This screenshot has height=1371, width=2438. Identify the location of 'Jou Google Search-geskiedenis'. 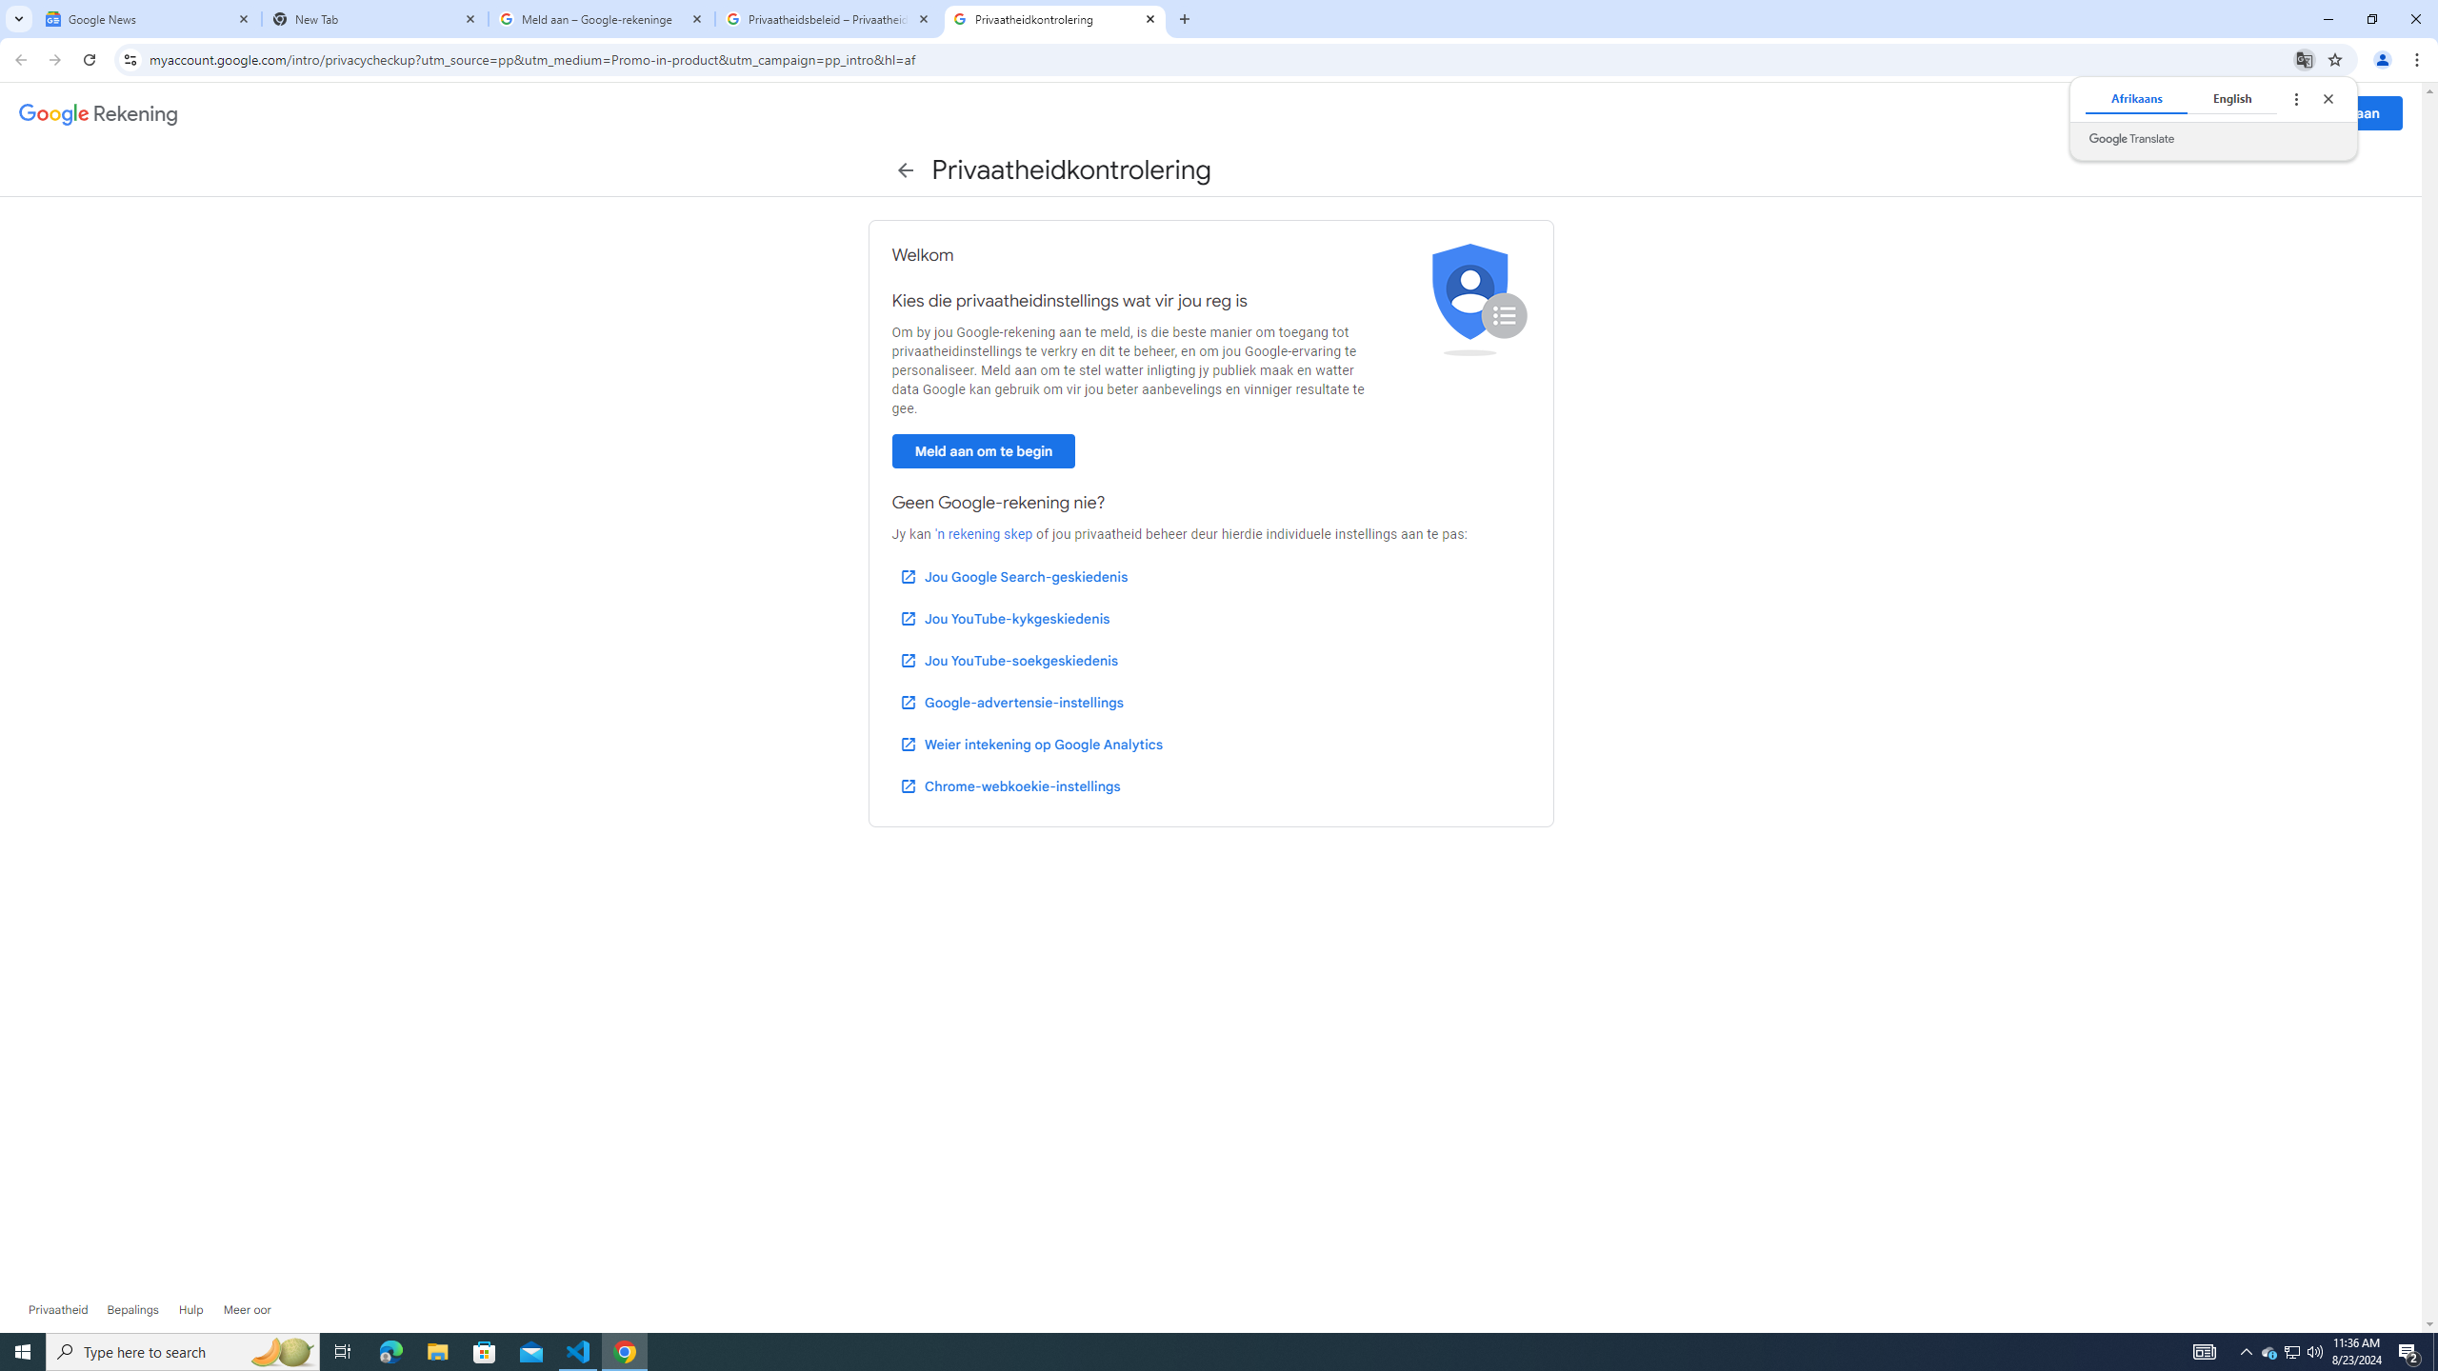
(1012, 576).